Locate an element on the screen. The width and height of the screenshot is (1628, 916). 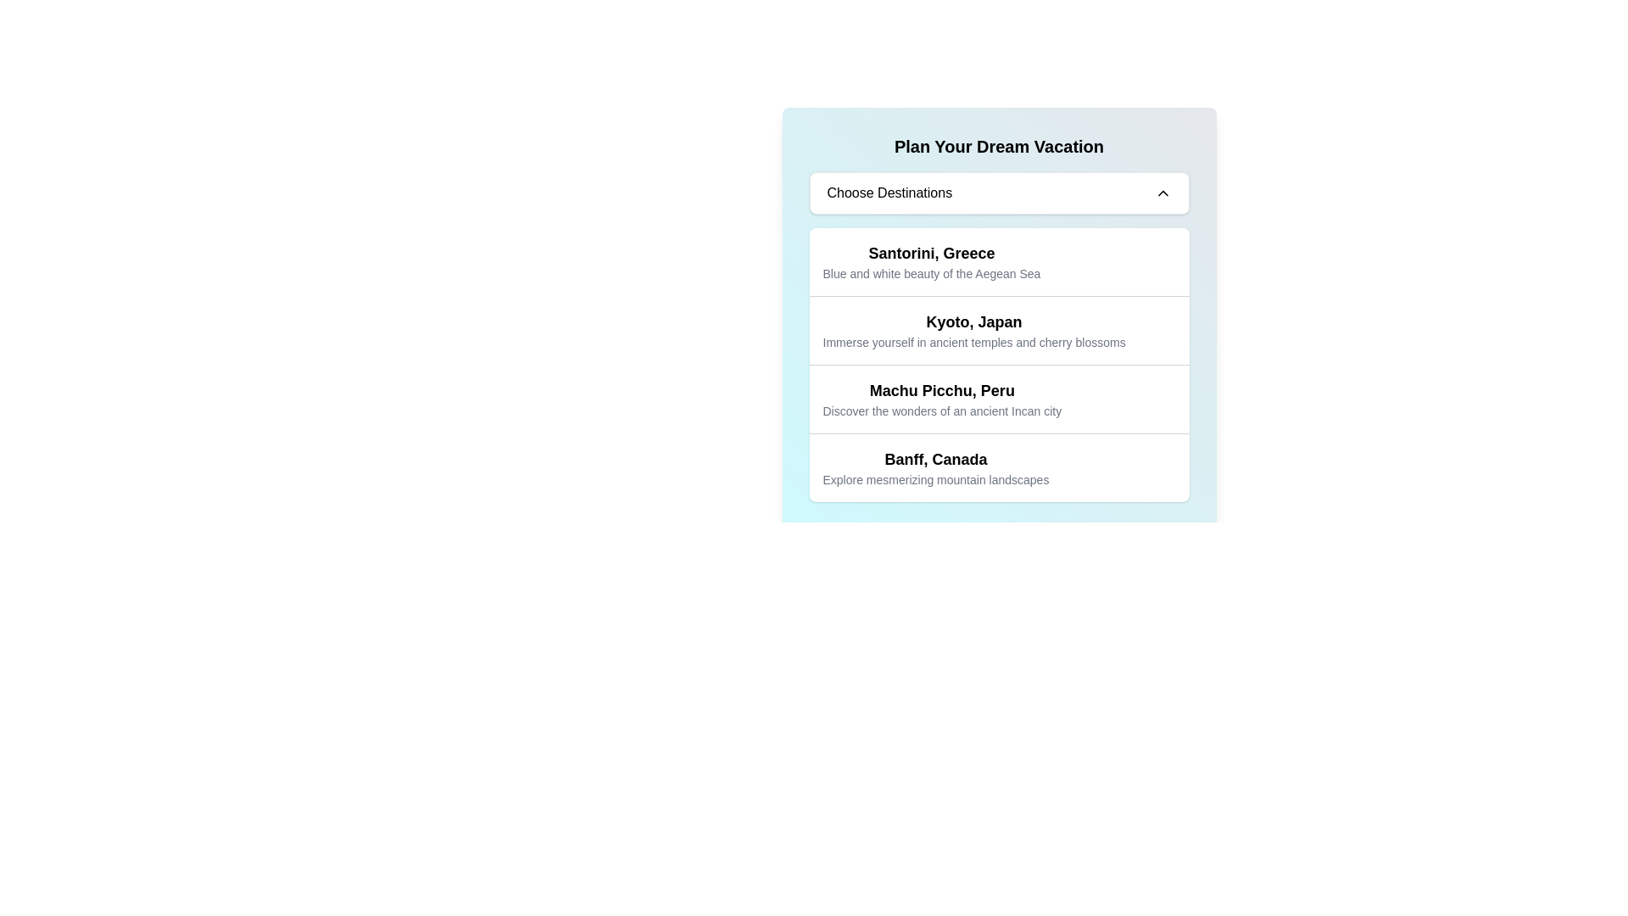
the Text Block element that displays 'Machu Picchu, Peru' and 'Discover the wonders of an ancient Incan city', located between 'Kyoto, Japan' and 'Banff, Canada' in the destination options list is located at coordinates (941, 399).